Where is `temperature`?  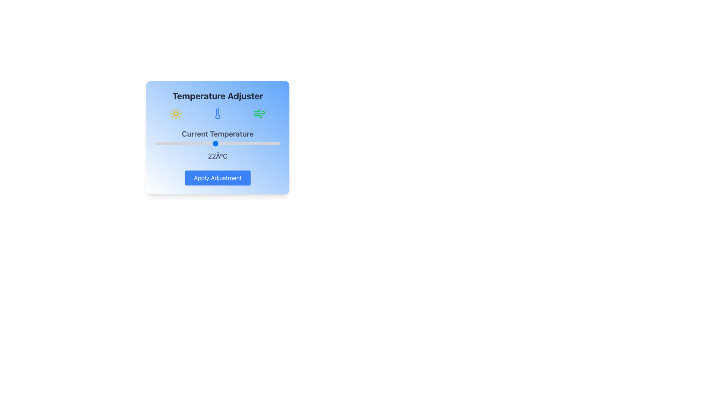
temperature is located at coordinates (260, 144).